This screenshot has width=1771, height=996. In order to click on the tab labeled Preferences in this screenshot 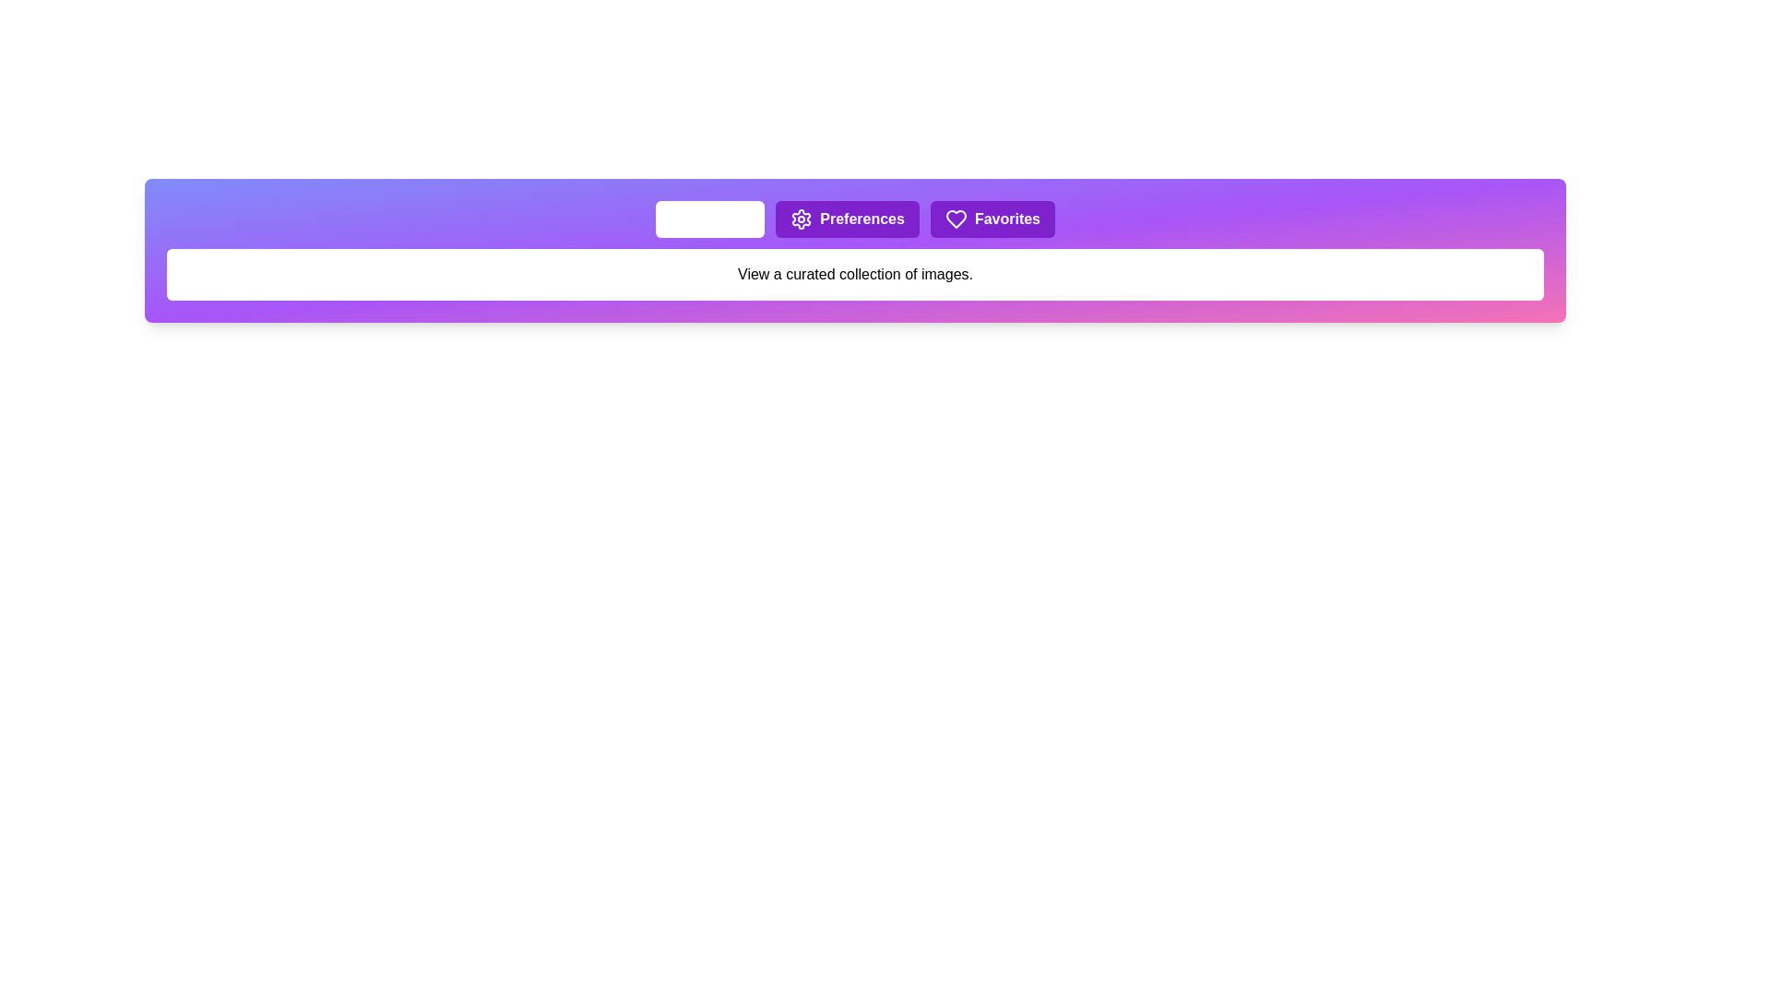, I will do `click(846, 219)`.